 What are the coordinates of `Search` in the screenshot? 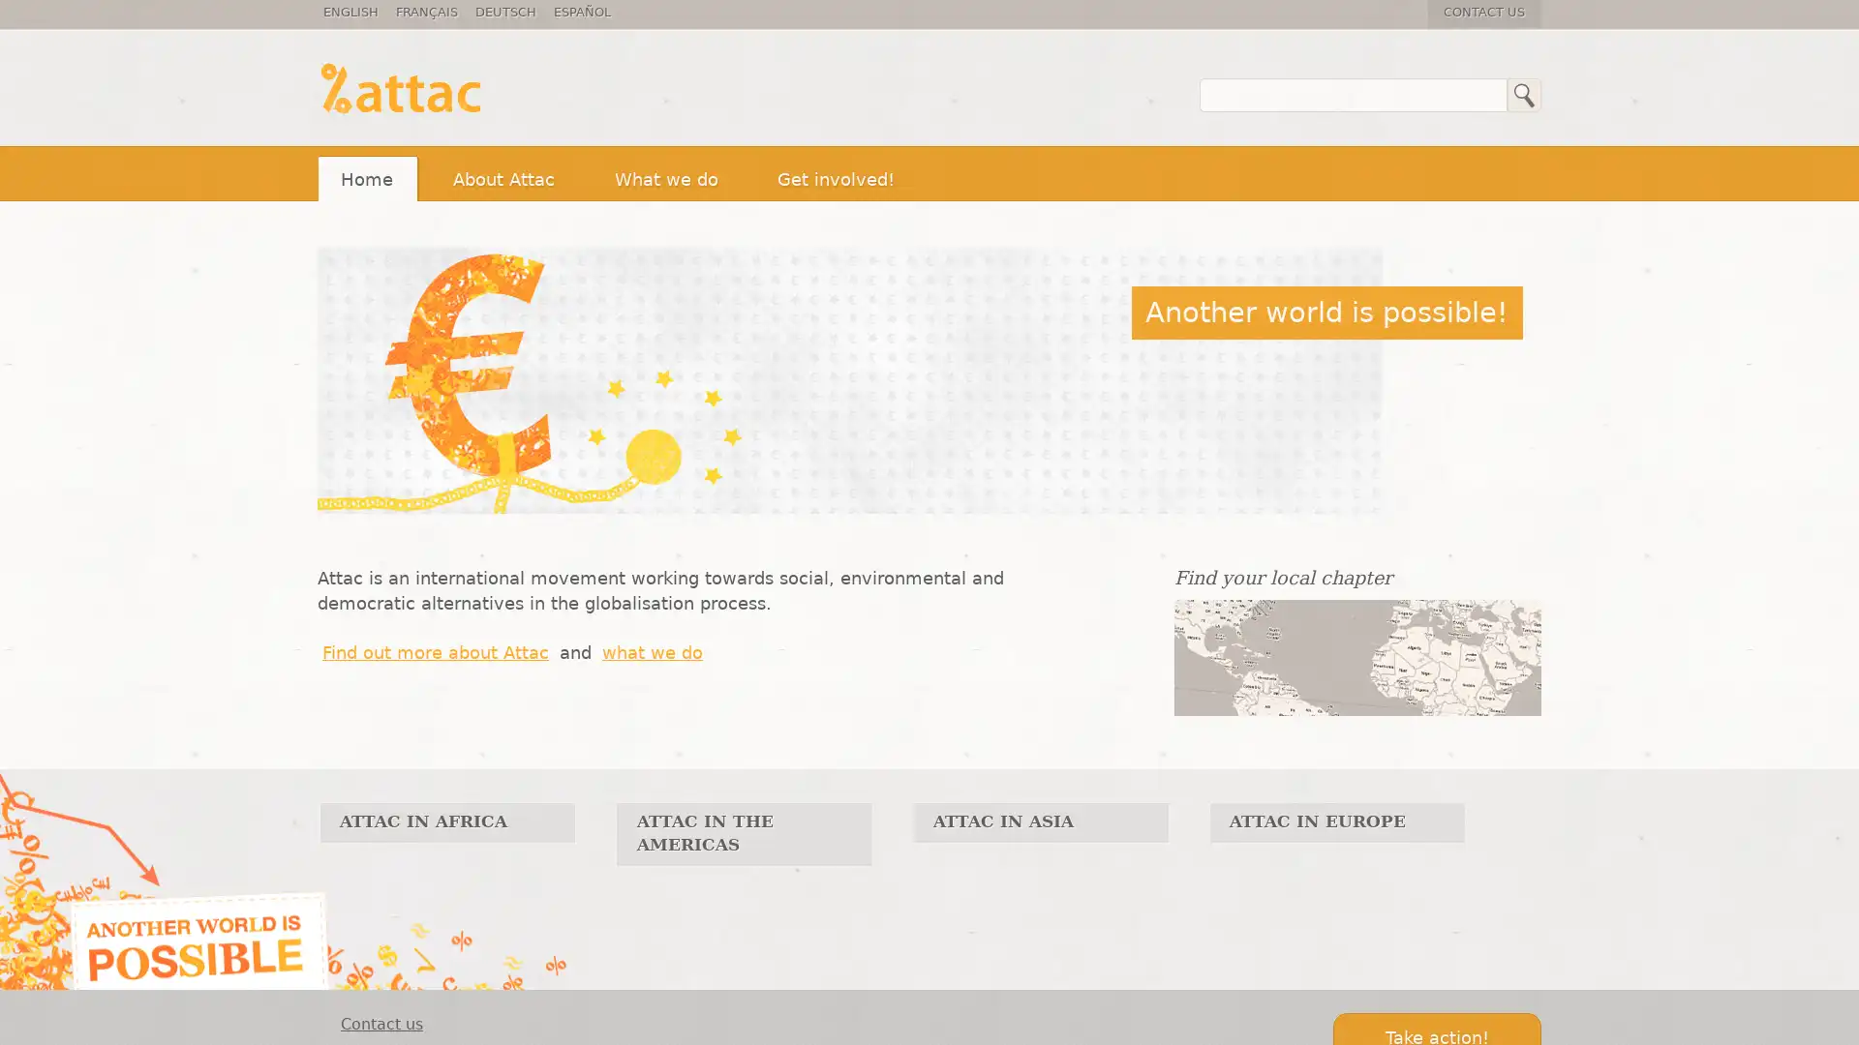 It's located at (1523, 95).